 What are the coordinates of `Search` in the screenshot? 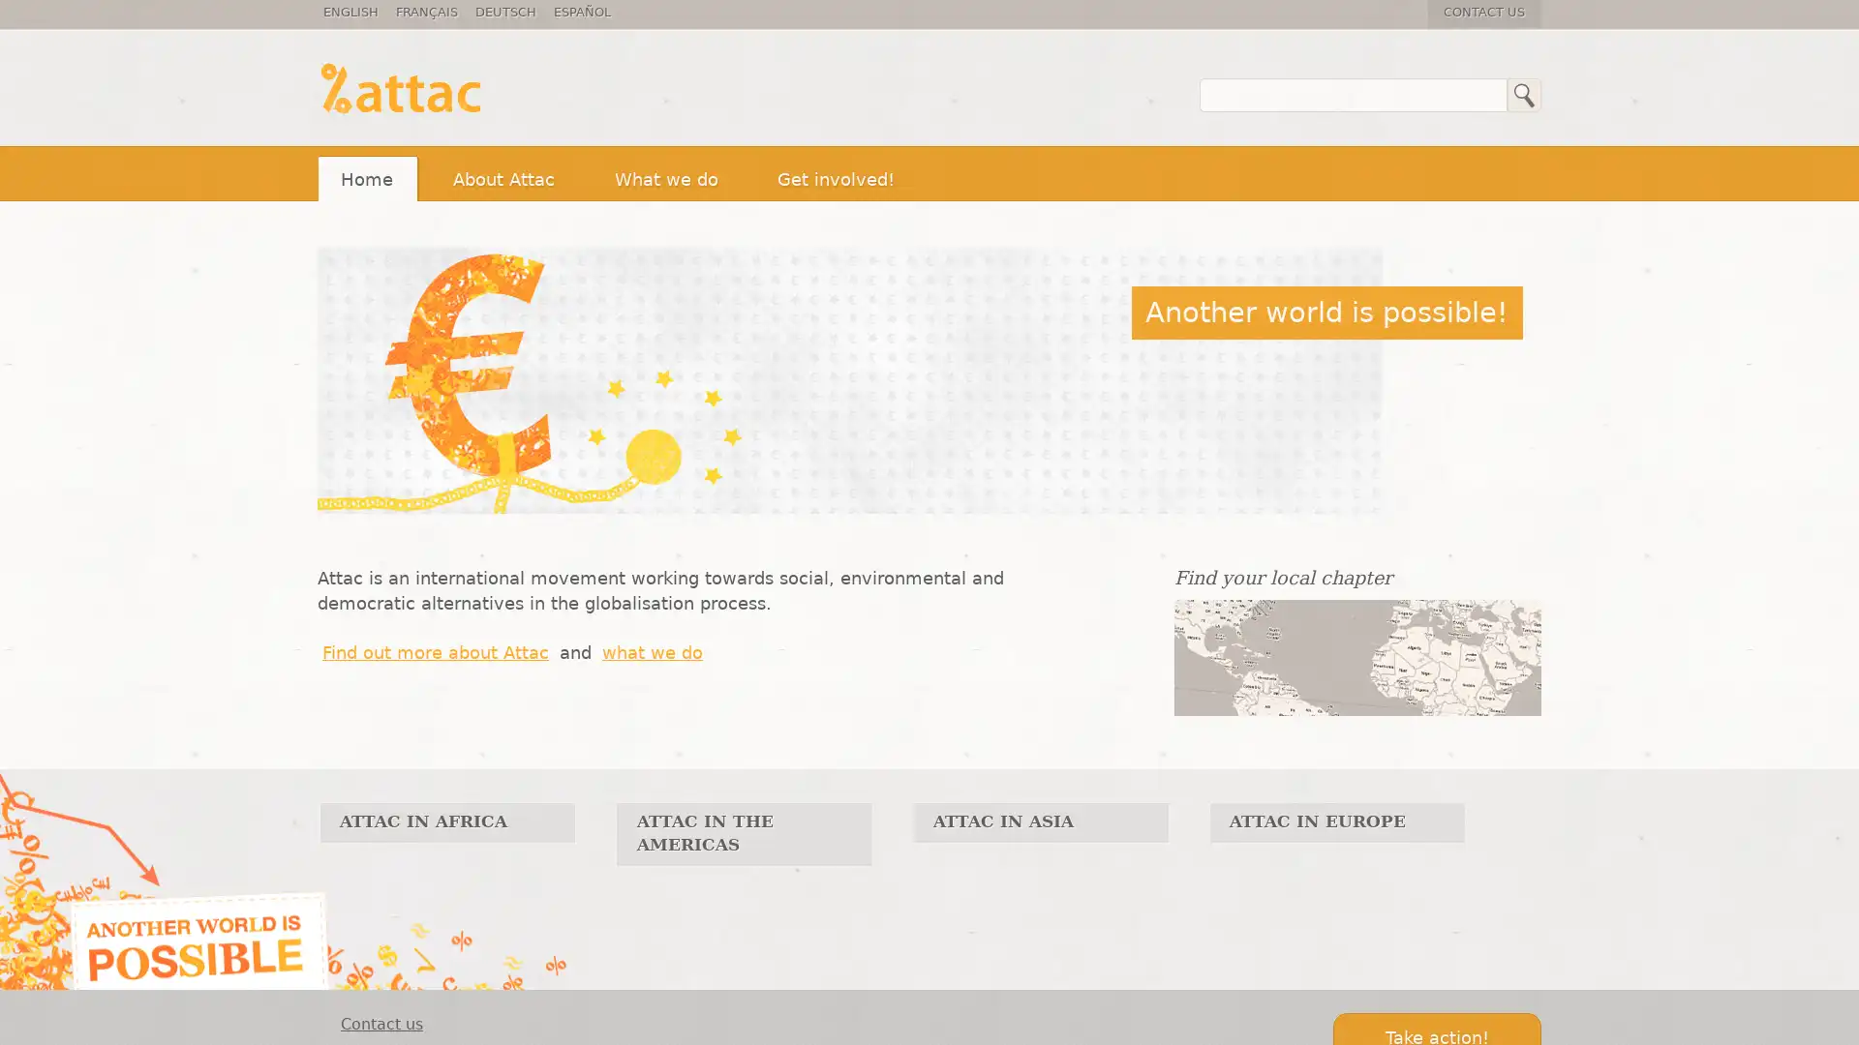 It's located at (1523, 95).